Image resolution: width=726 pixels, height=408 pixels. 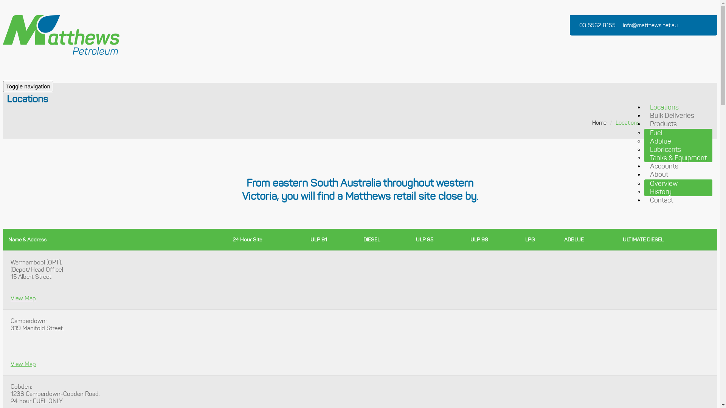 I want to click on 'Bulk Deliveries', so click(x=672, y=115).